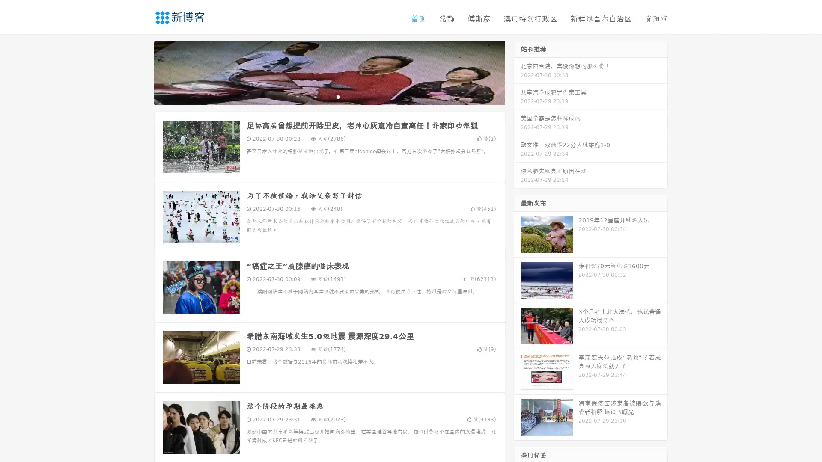  What do you see at coordinates (320, 96) in the screenshot?
I see `Go to slide 1` at bounding box center [320, 96].